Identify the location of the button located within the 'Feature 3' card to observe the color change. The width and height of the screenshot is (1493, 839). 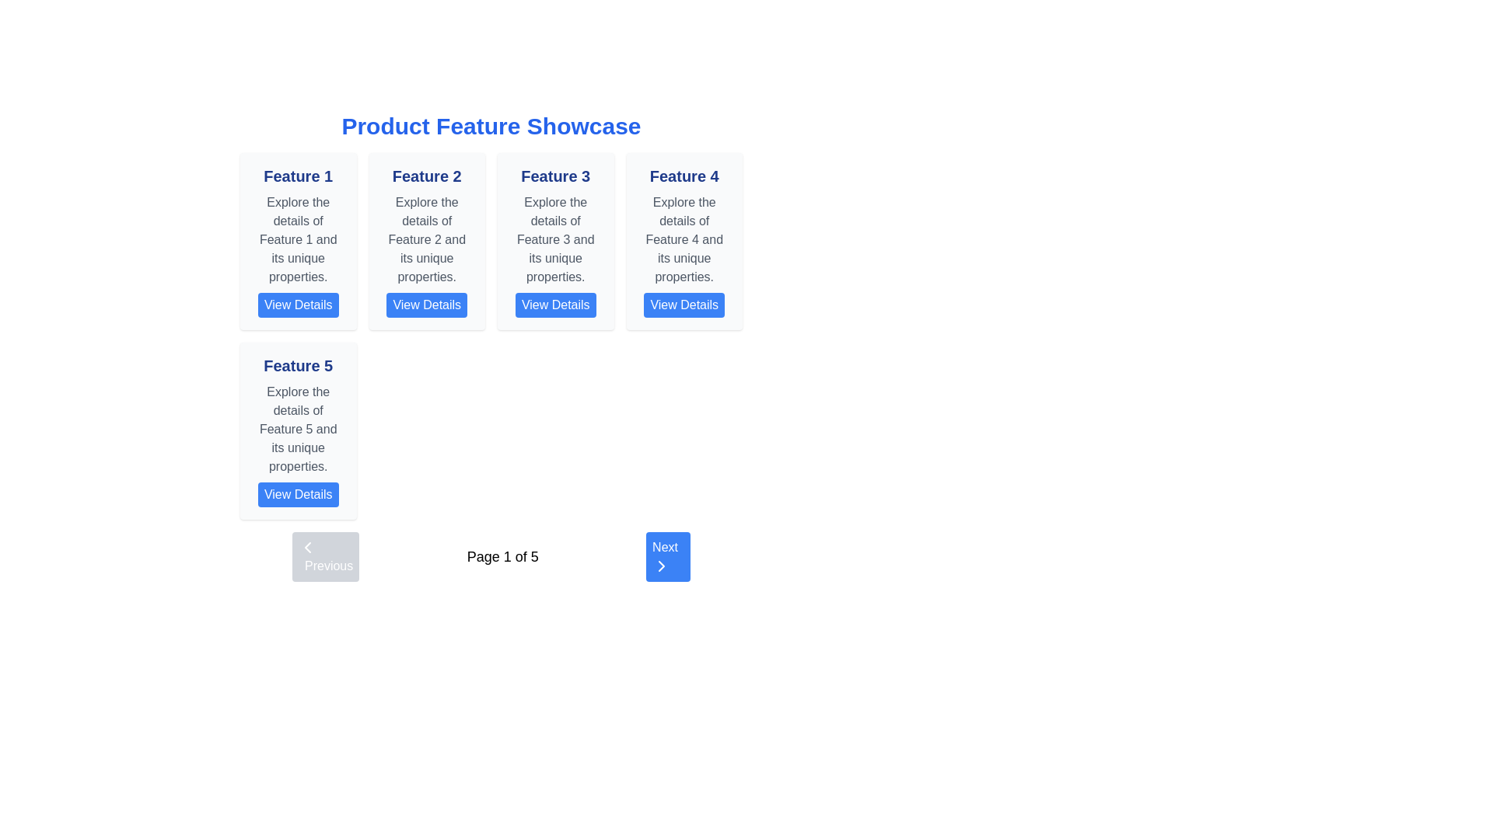
(555, 305).